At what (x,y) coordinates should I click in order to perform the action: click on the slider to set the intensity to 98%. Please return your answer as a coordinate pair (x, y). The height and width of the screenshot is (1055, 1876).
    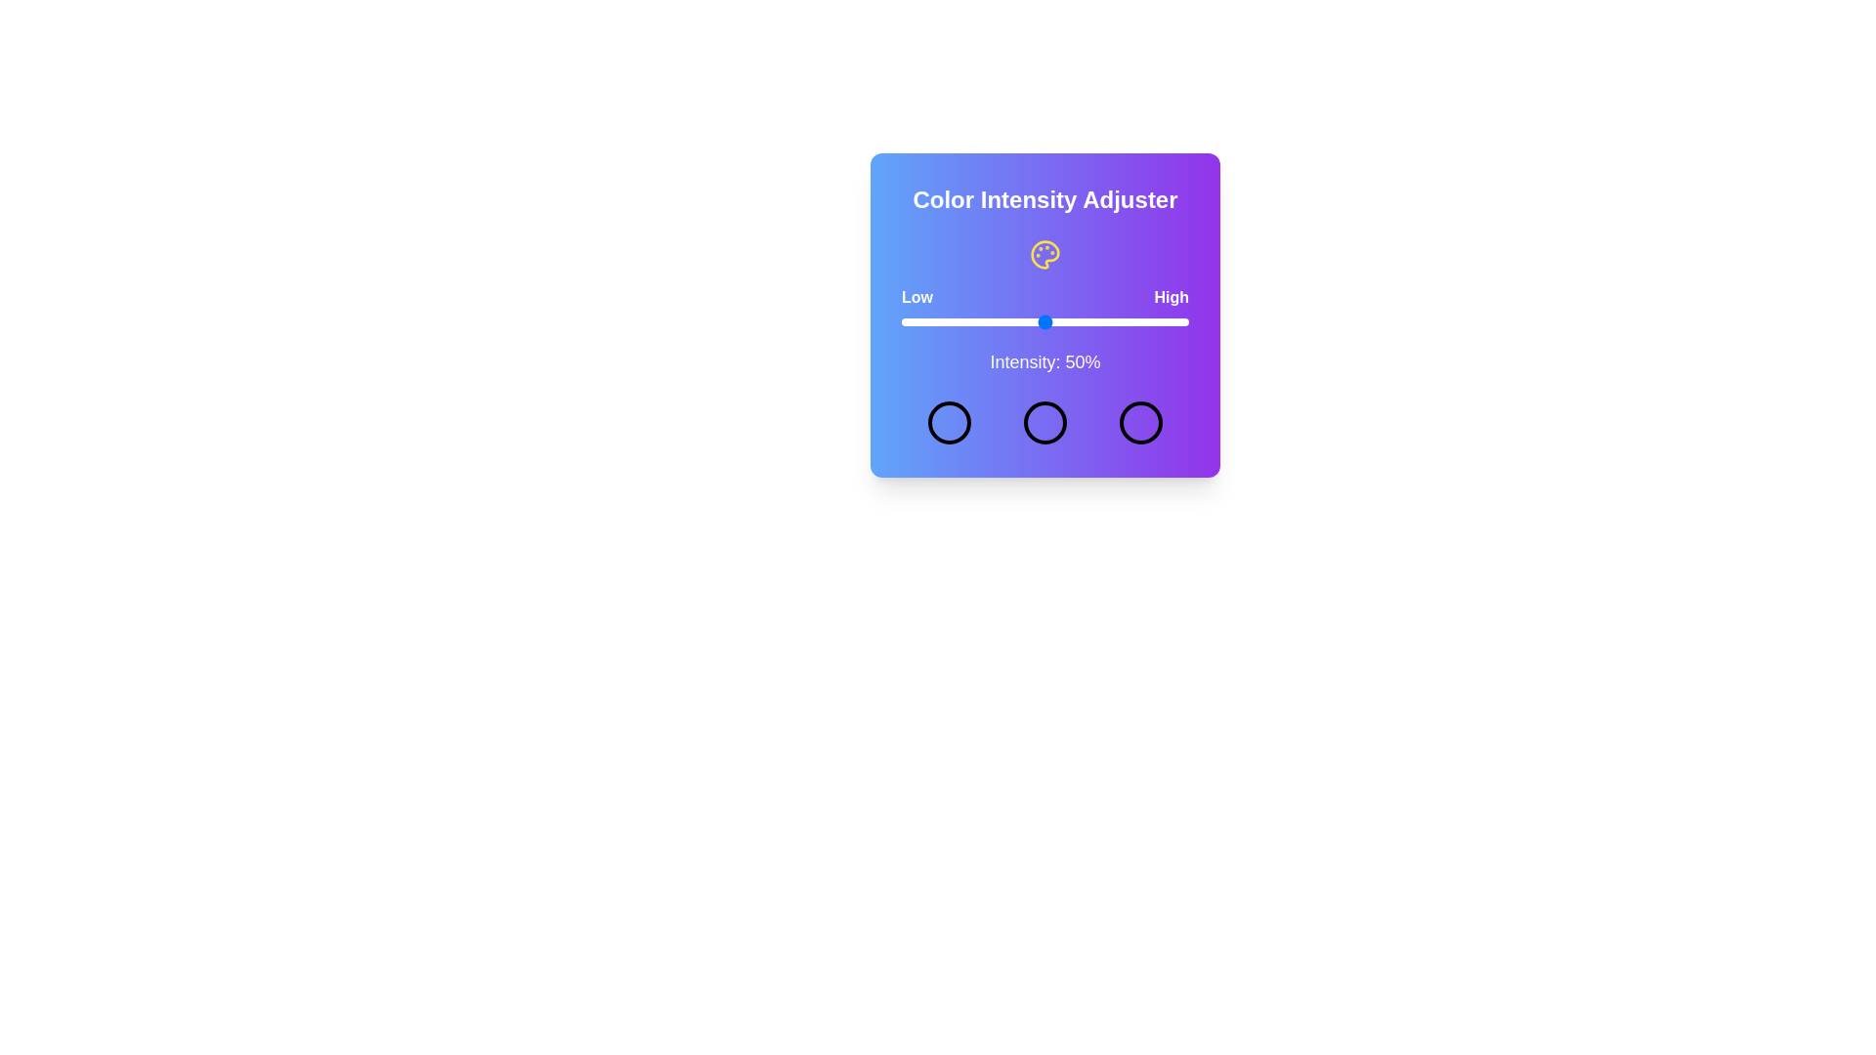
    Looking at the image, I should click on (1182, 321).